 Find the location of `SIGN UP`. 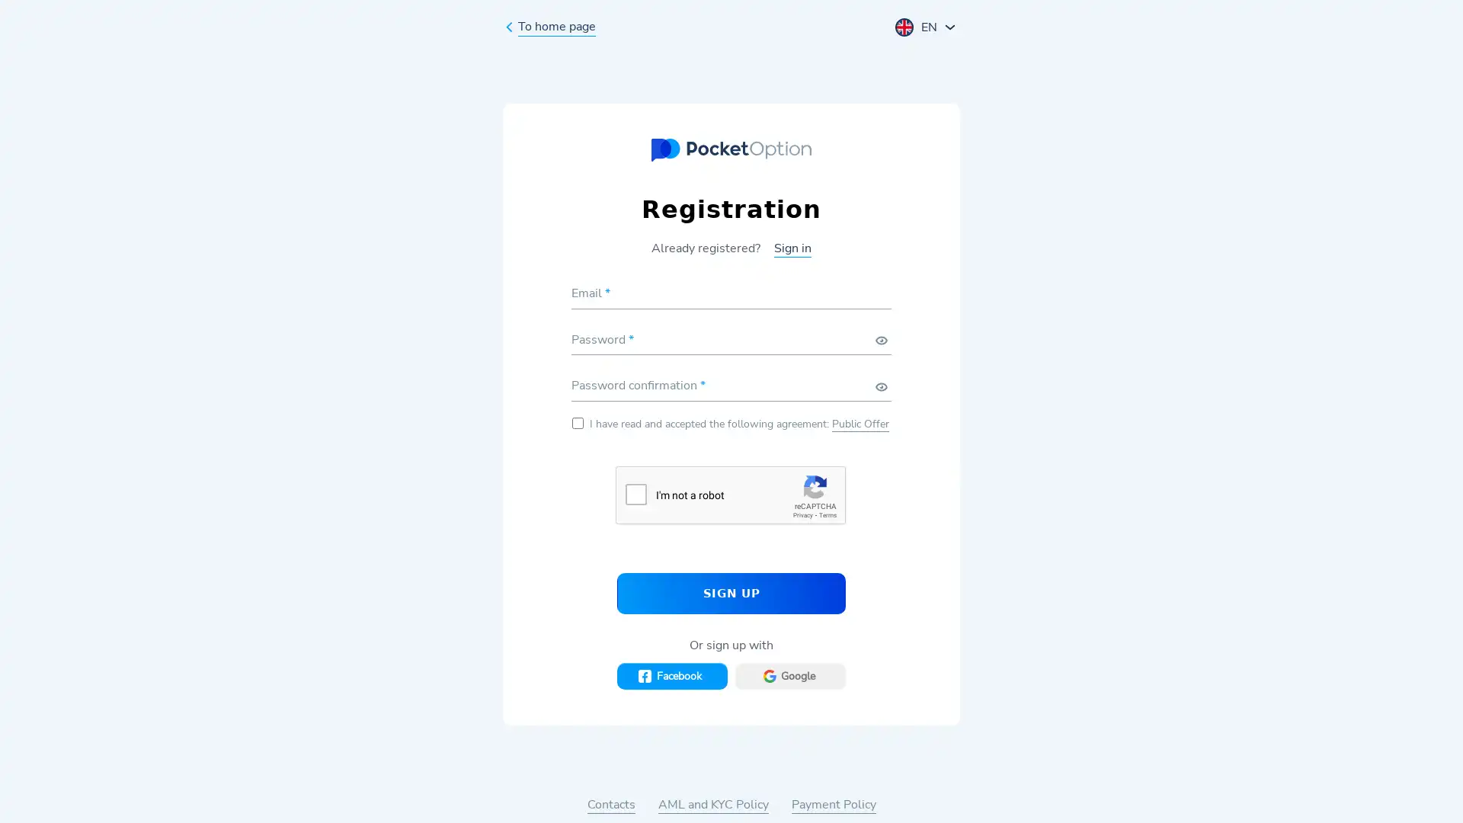

SIGN UP is located at coordinates (731, 592).